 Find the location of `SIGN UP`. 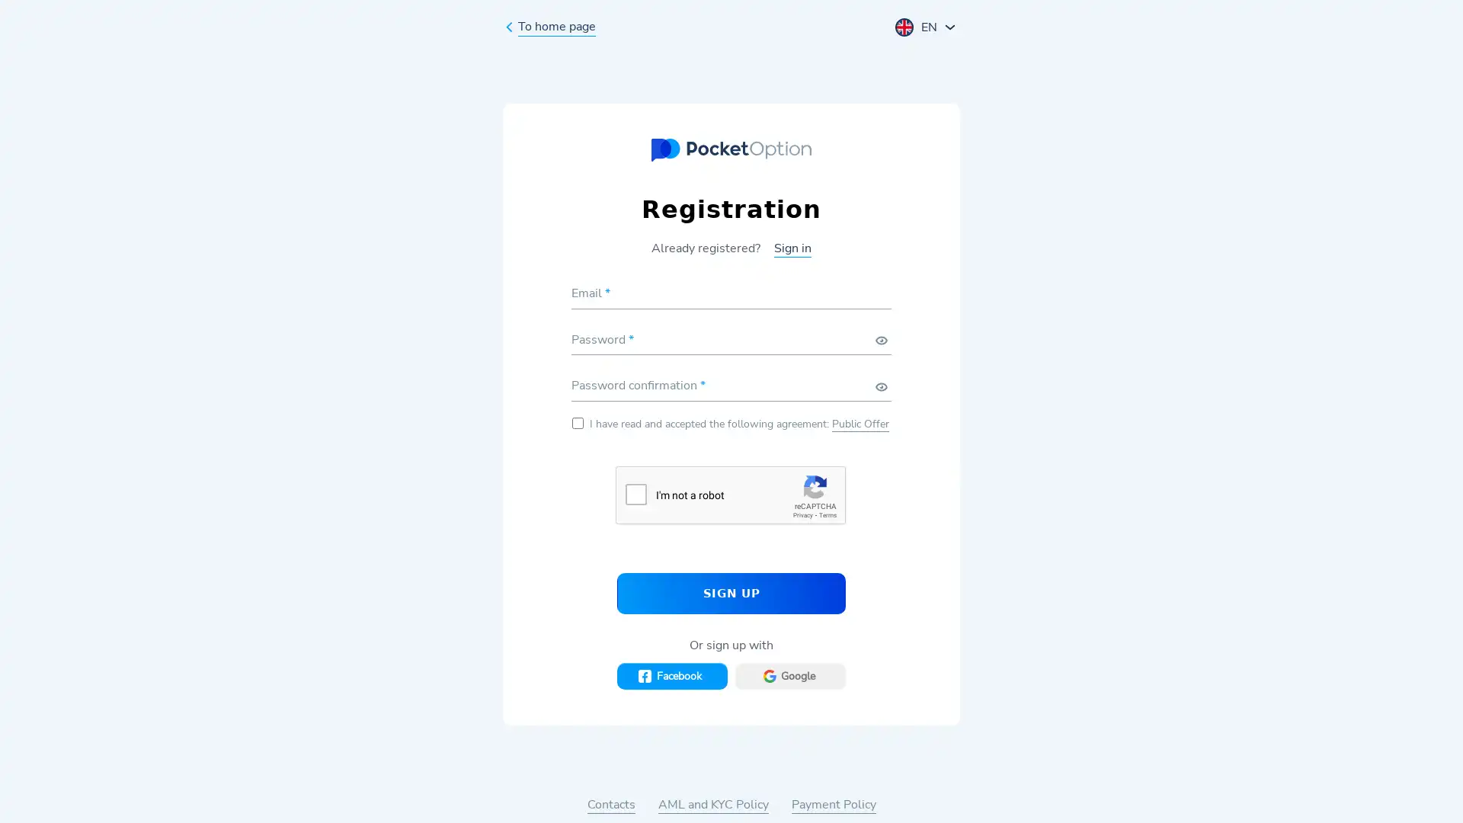

SIGN UP is located at coordinates (731, 592).